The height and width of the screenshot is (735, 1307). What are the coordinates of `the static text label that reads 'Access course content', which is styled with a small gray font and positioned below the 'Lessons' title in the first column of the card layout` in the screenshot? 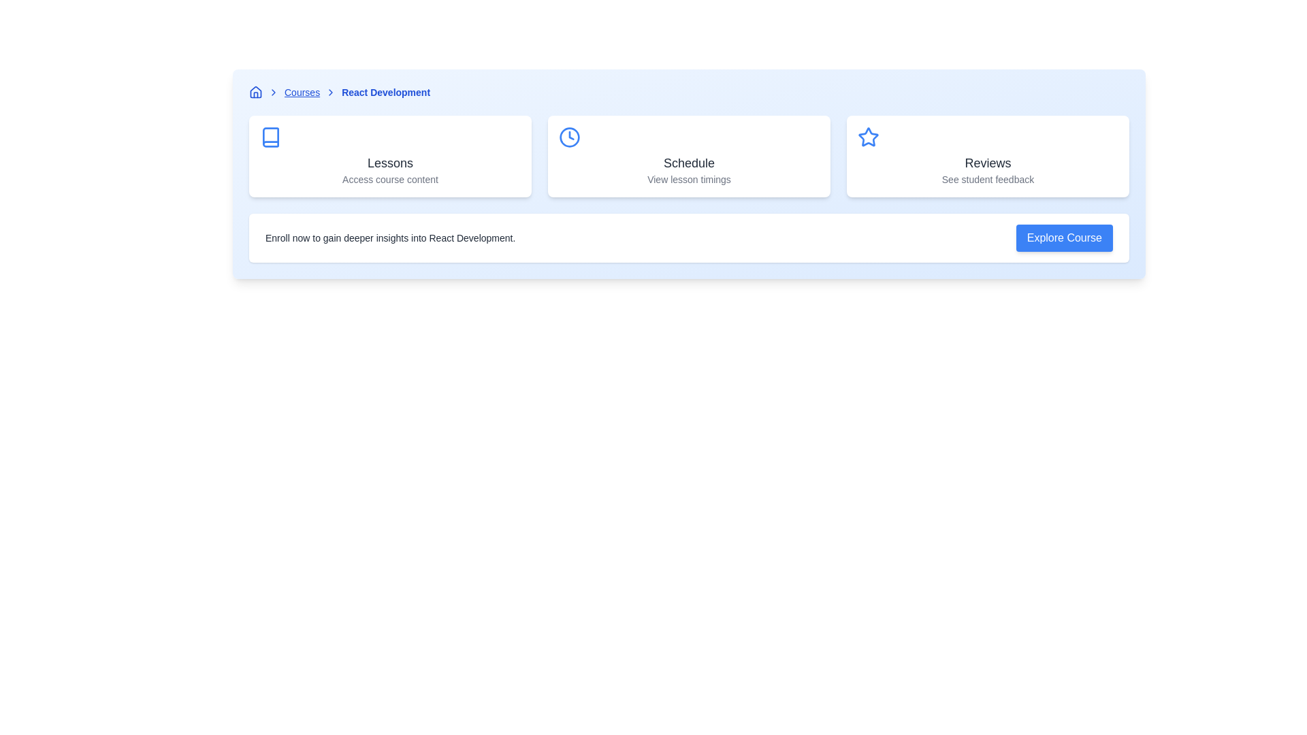 It's located at (389, 178).